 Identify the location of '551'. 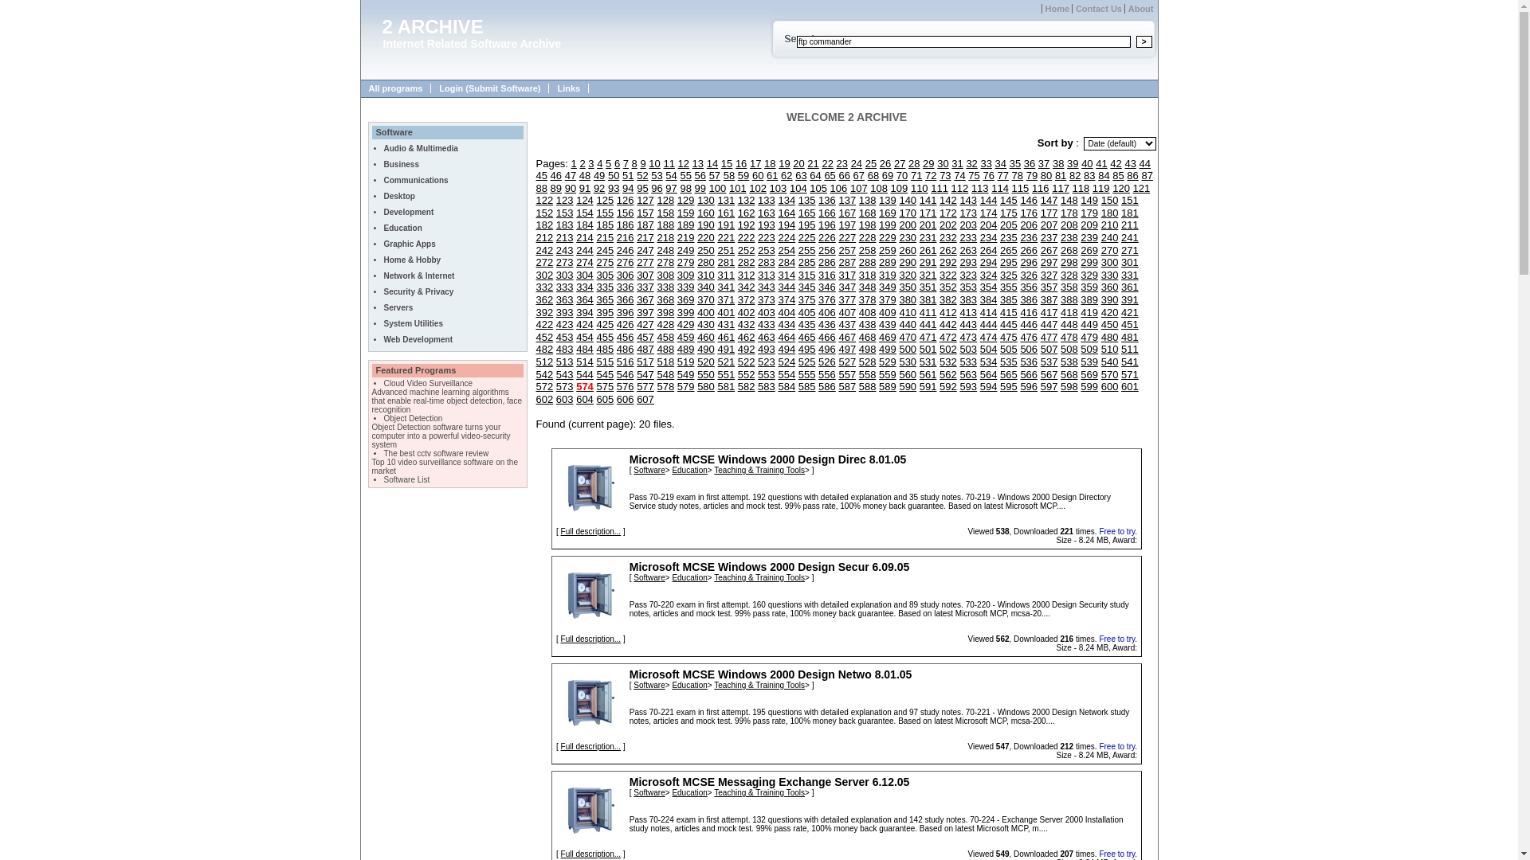
(725, 374).